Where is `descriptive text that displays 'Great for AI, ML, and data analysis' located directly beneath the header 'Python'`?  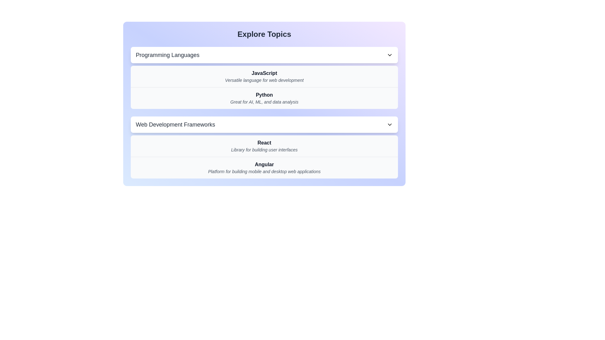
descriptive text that displays 'Great for AI, ML, and data analysis' located directly beneath the header 'Python' is located at coordinates (264, 102).